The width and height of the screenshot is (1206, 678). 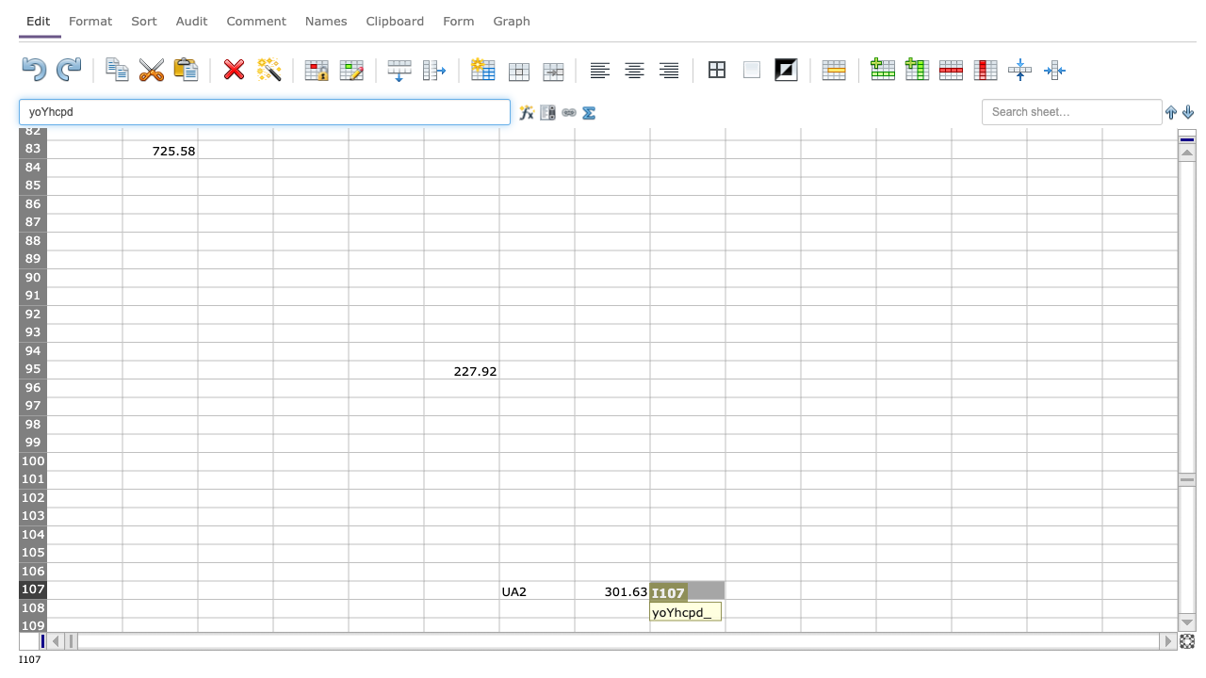 I want to click on Lower right of K108, so click(x=875, y=617).